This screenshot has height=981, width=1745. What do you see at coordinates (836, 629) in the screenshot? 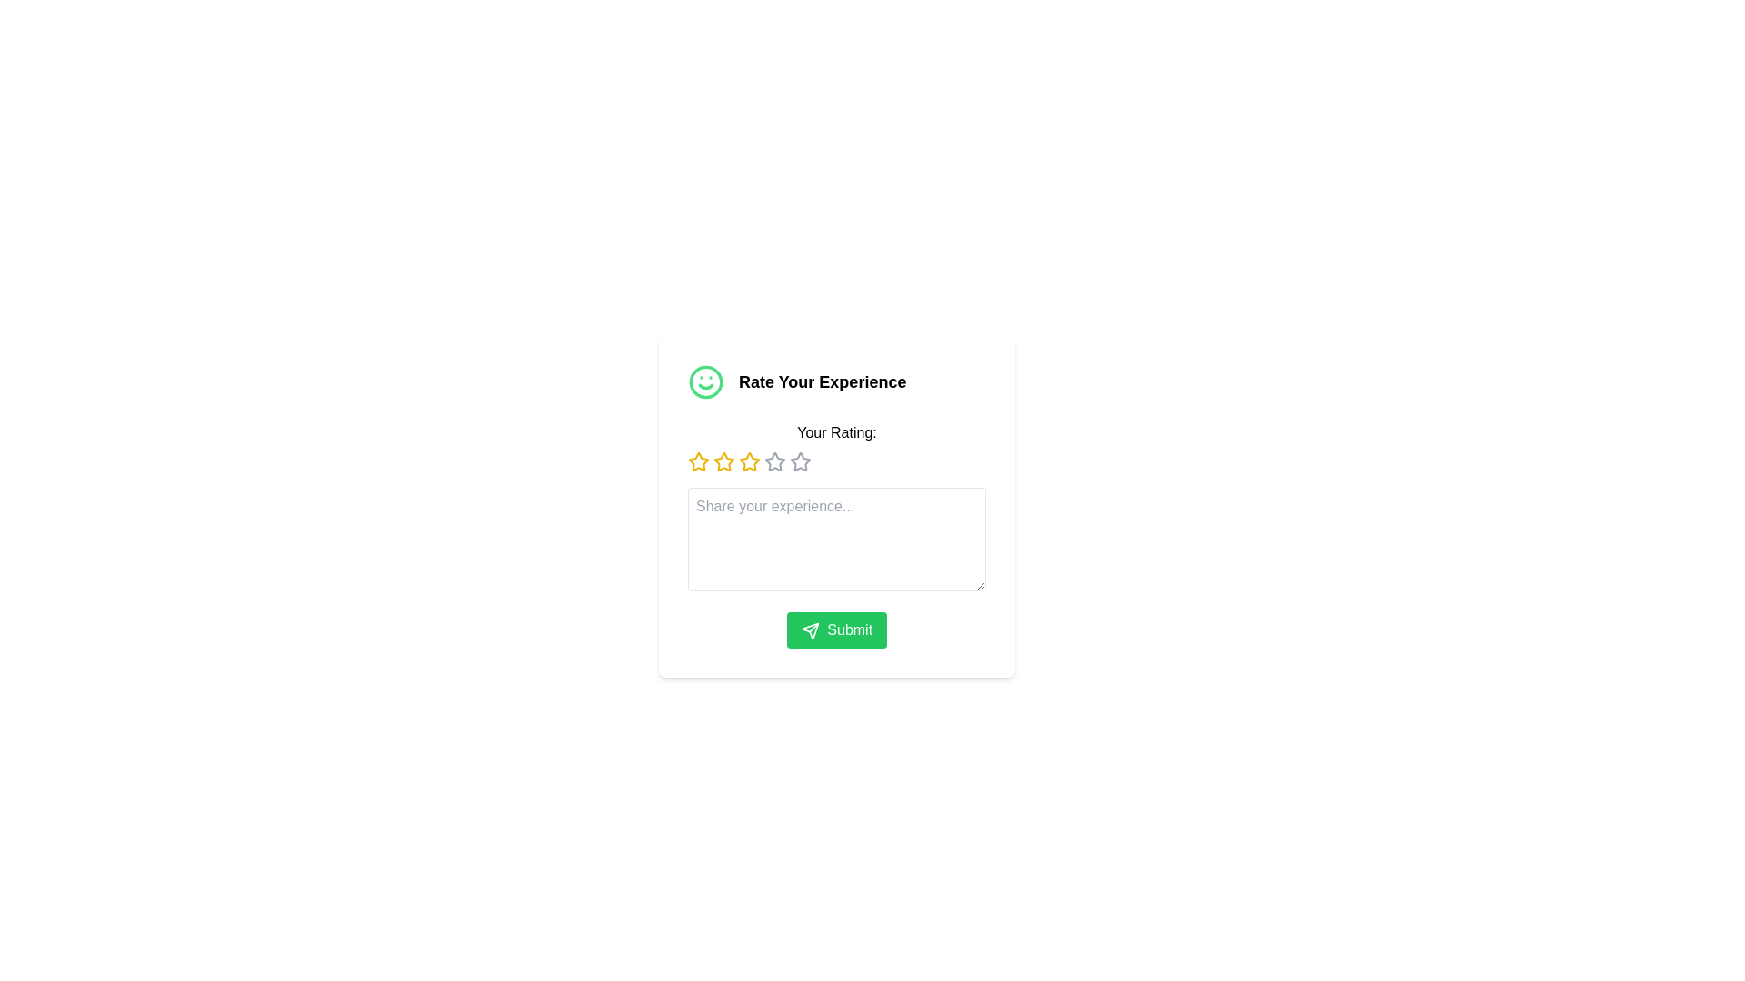
I see `the 'Submit' button with a green background and white text located at the bottom-center of the feedback form` at bounding box center [836, 629].